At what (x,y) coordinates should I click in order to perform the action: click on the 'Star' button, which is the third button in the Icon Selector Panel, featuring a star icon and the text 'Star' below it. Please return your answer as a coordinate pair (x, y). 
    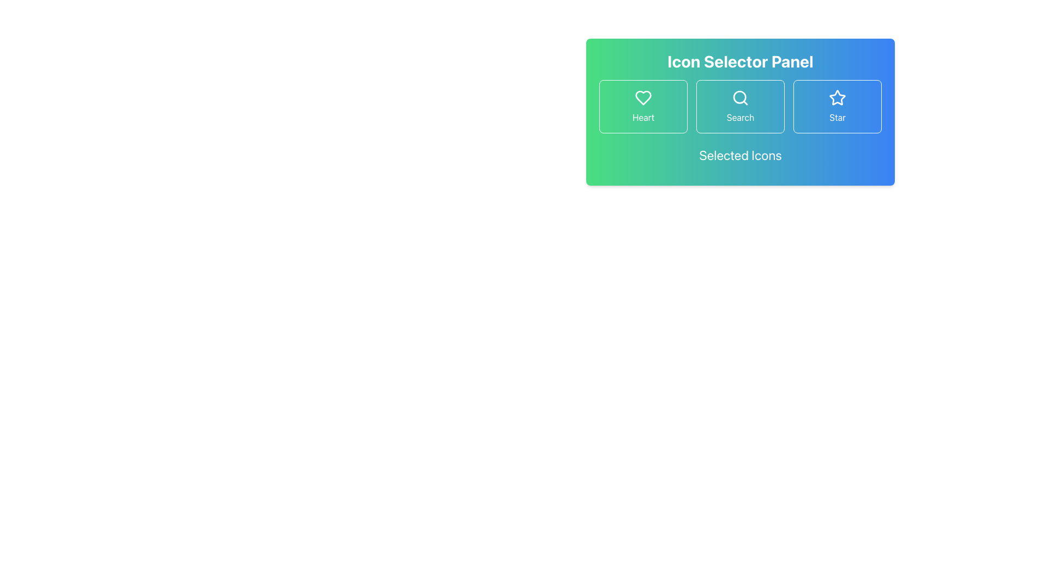
    Looking at the image, I should click on (837, 107).